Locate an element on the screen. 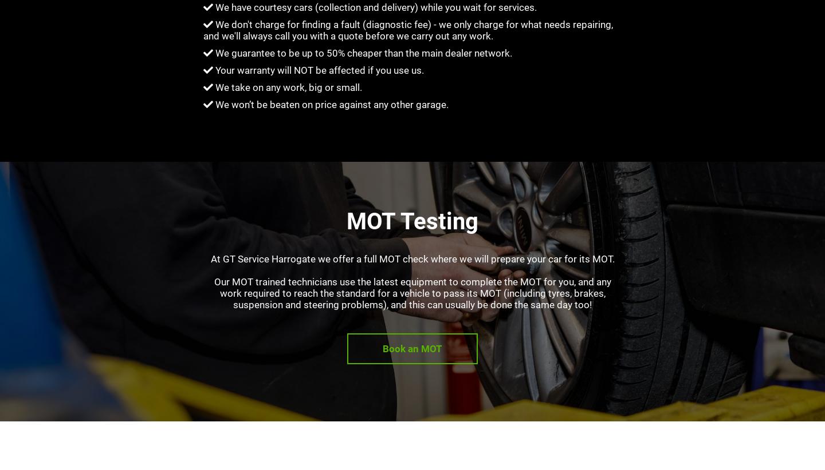 This screenshot has height=470, width=825. 'We guarantee to be up to 50% cheaper than the main dealer network.' is located at coordinates (212, 51).